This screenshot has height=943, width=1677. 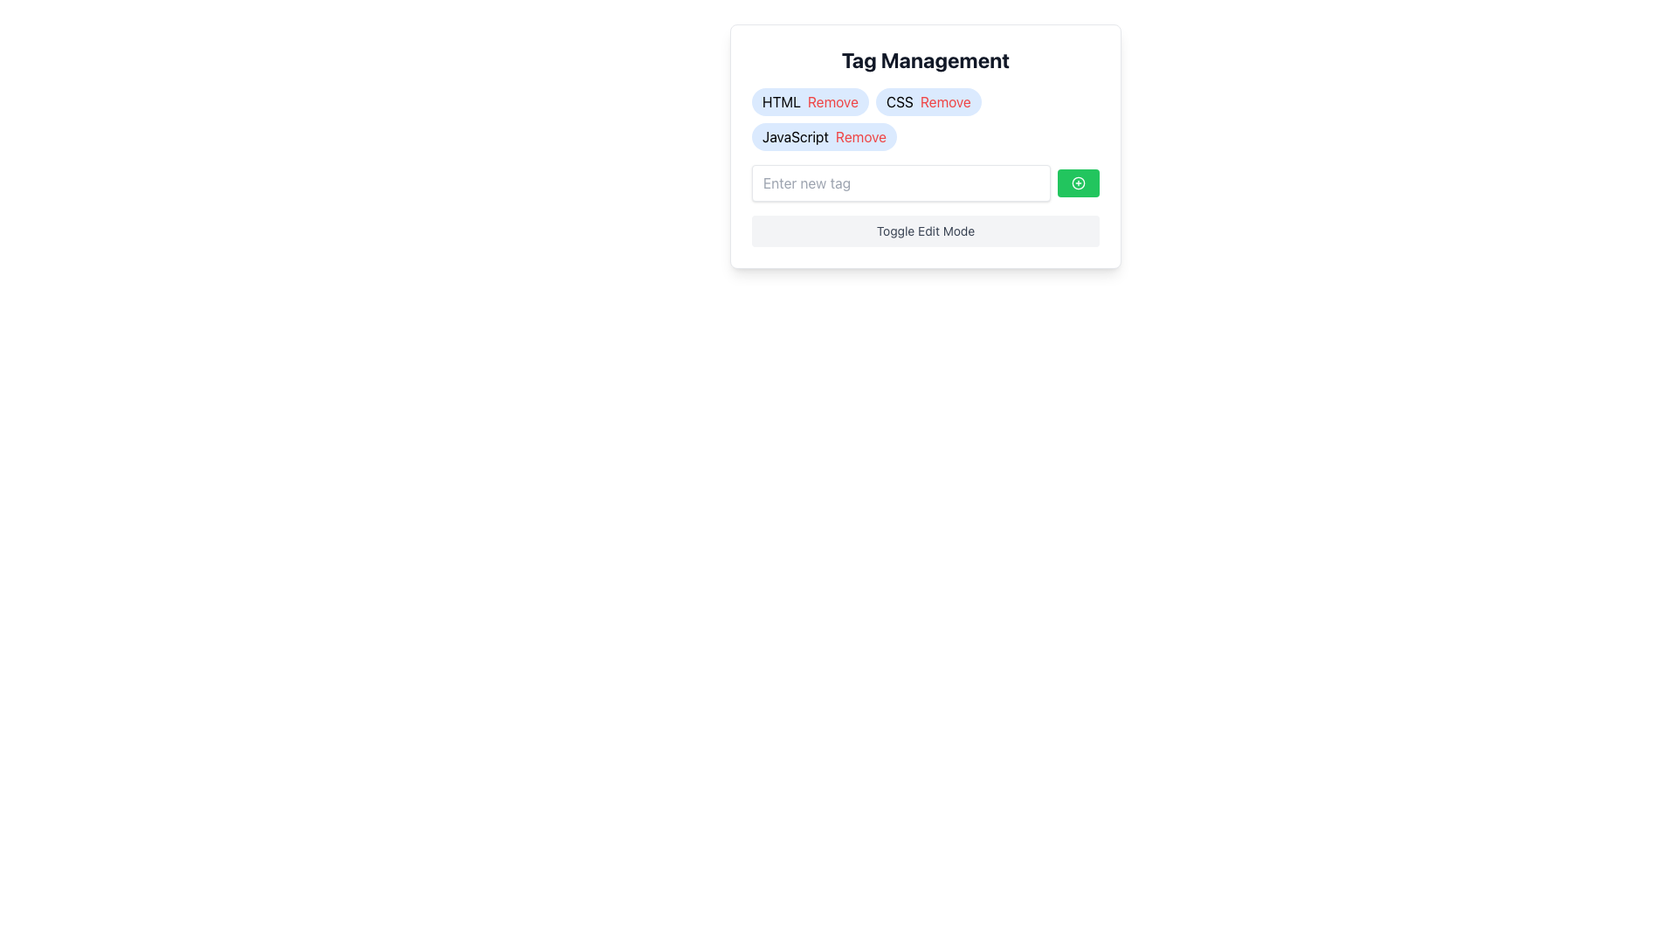 I want to click on the 'Remove' link associated with the tag list of programming languages displayed as rounded, blue-shaded pills, so click(x=925, y=119).